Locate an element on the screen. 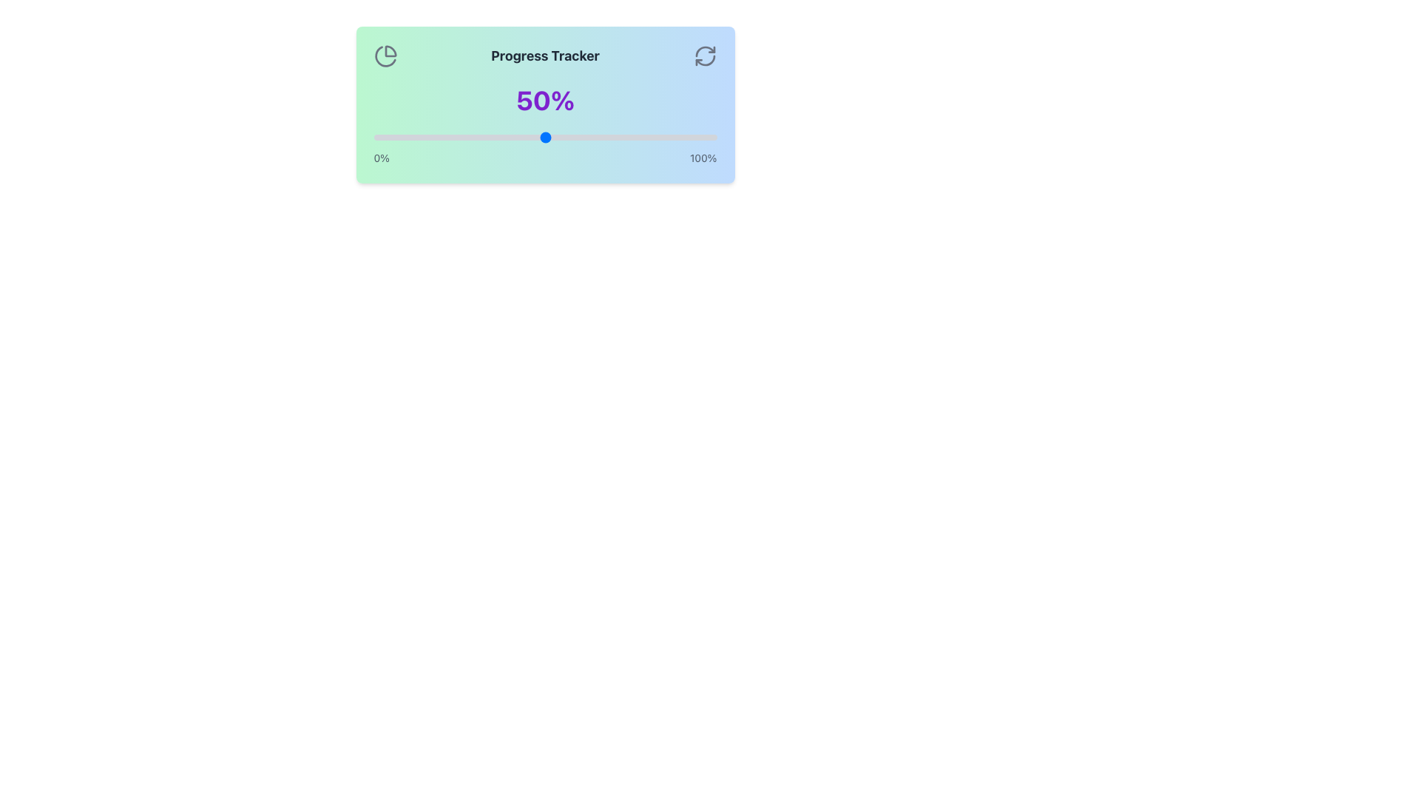  the progress tracker value is located at coordinates (578, 137).